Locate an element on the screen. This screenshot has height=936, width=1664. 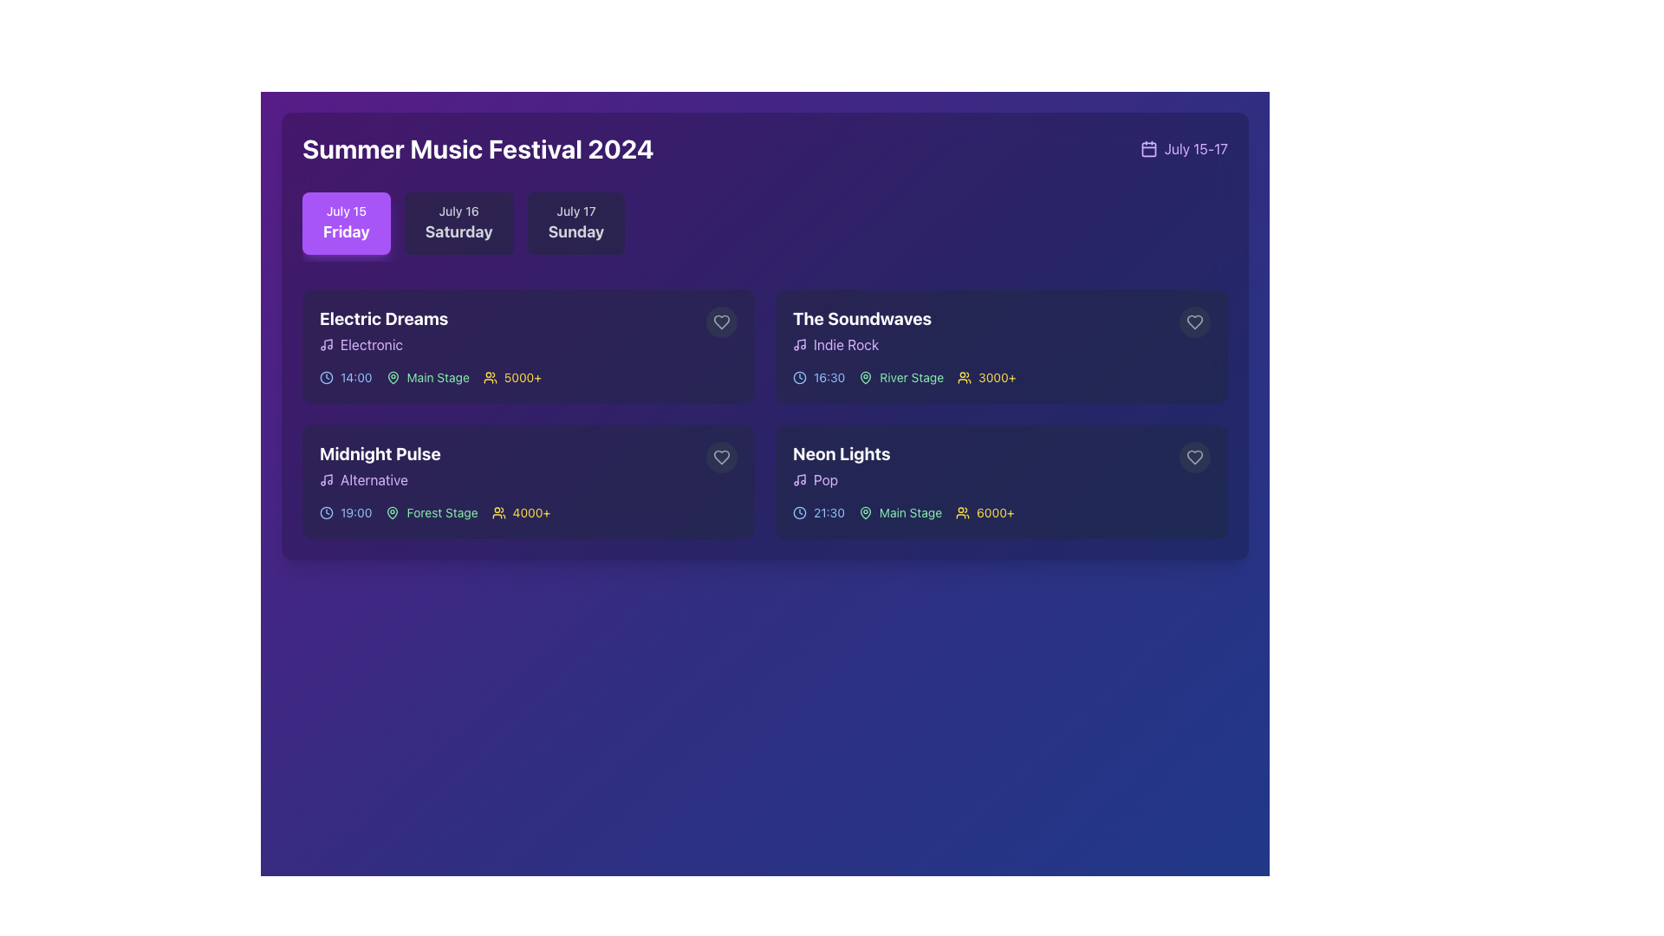
the informative label indicating the scheduled start time of the event 'The Soundwaves', located in the second row, second column of the grid layout, to the left of the stage name 'River Stage' is located at coordinates (818, 376).